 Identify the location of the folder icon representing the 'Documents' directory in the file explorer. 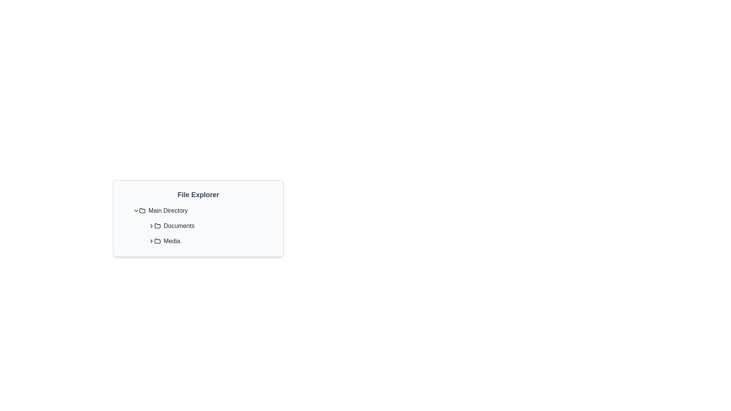
(157, 226).